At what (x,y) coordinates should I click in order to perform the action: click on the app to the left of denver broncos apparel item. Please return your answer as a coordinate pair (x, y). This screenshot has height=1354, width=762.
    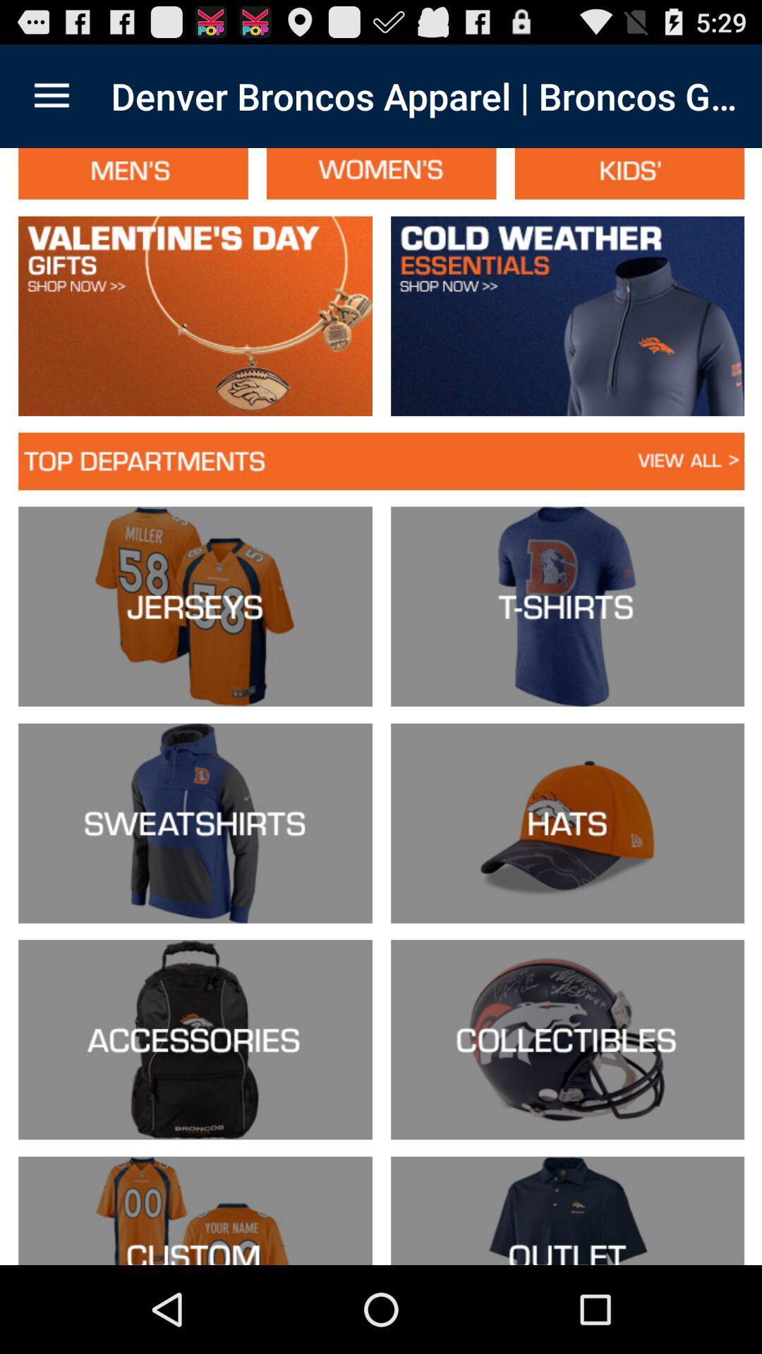
    Looking at the image, I should click on (51, 95).